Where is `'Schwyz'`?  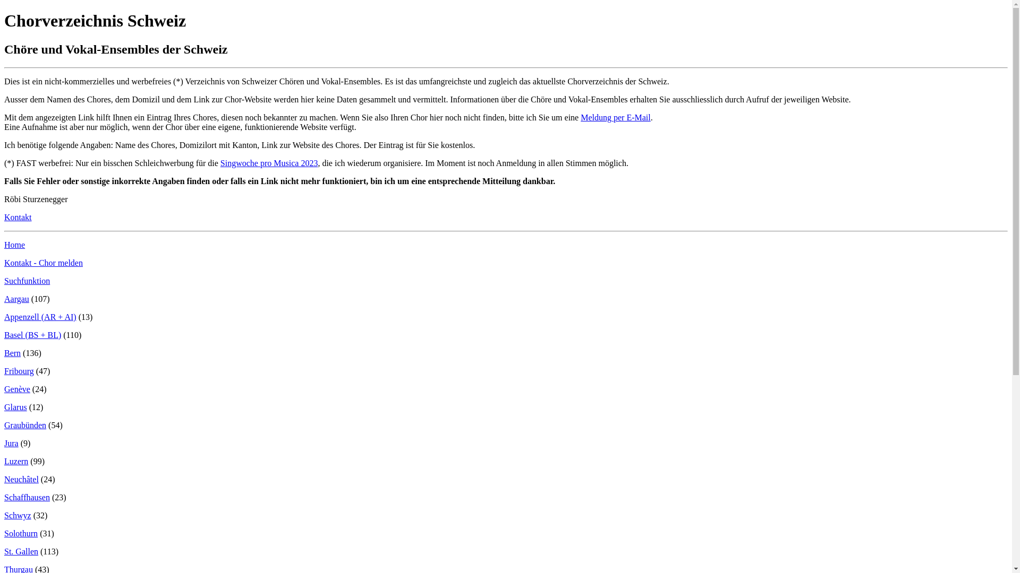
'Schwyz' is located at coordinates (4, 515).